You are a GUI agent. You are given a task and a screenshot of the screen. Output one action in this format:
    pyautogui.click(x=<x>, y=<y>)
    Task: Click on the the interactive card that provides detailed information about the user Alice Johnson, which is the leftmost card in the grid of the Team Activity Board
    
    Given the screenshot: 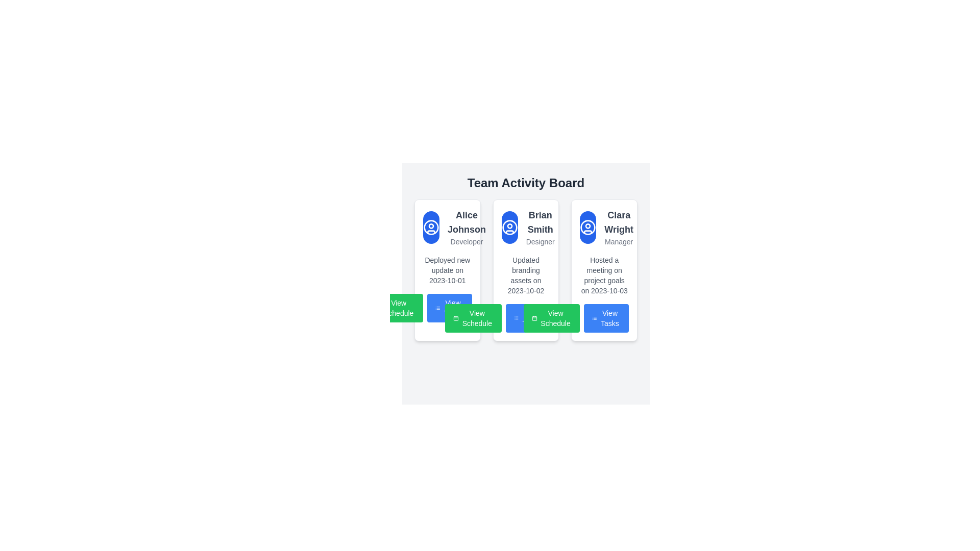 What is the action you would take?
    pyautogui.click(x=447, y=269)
    